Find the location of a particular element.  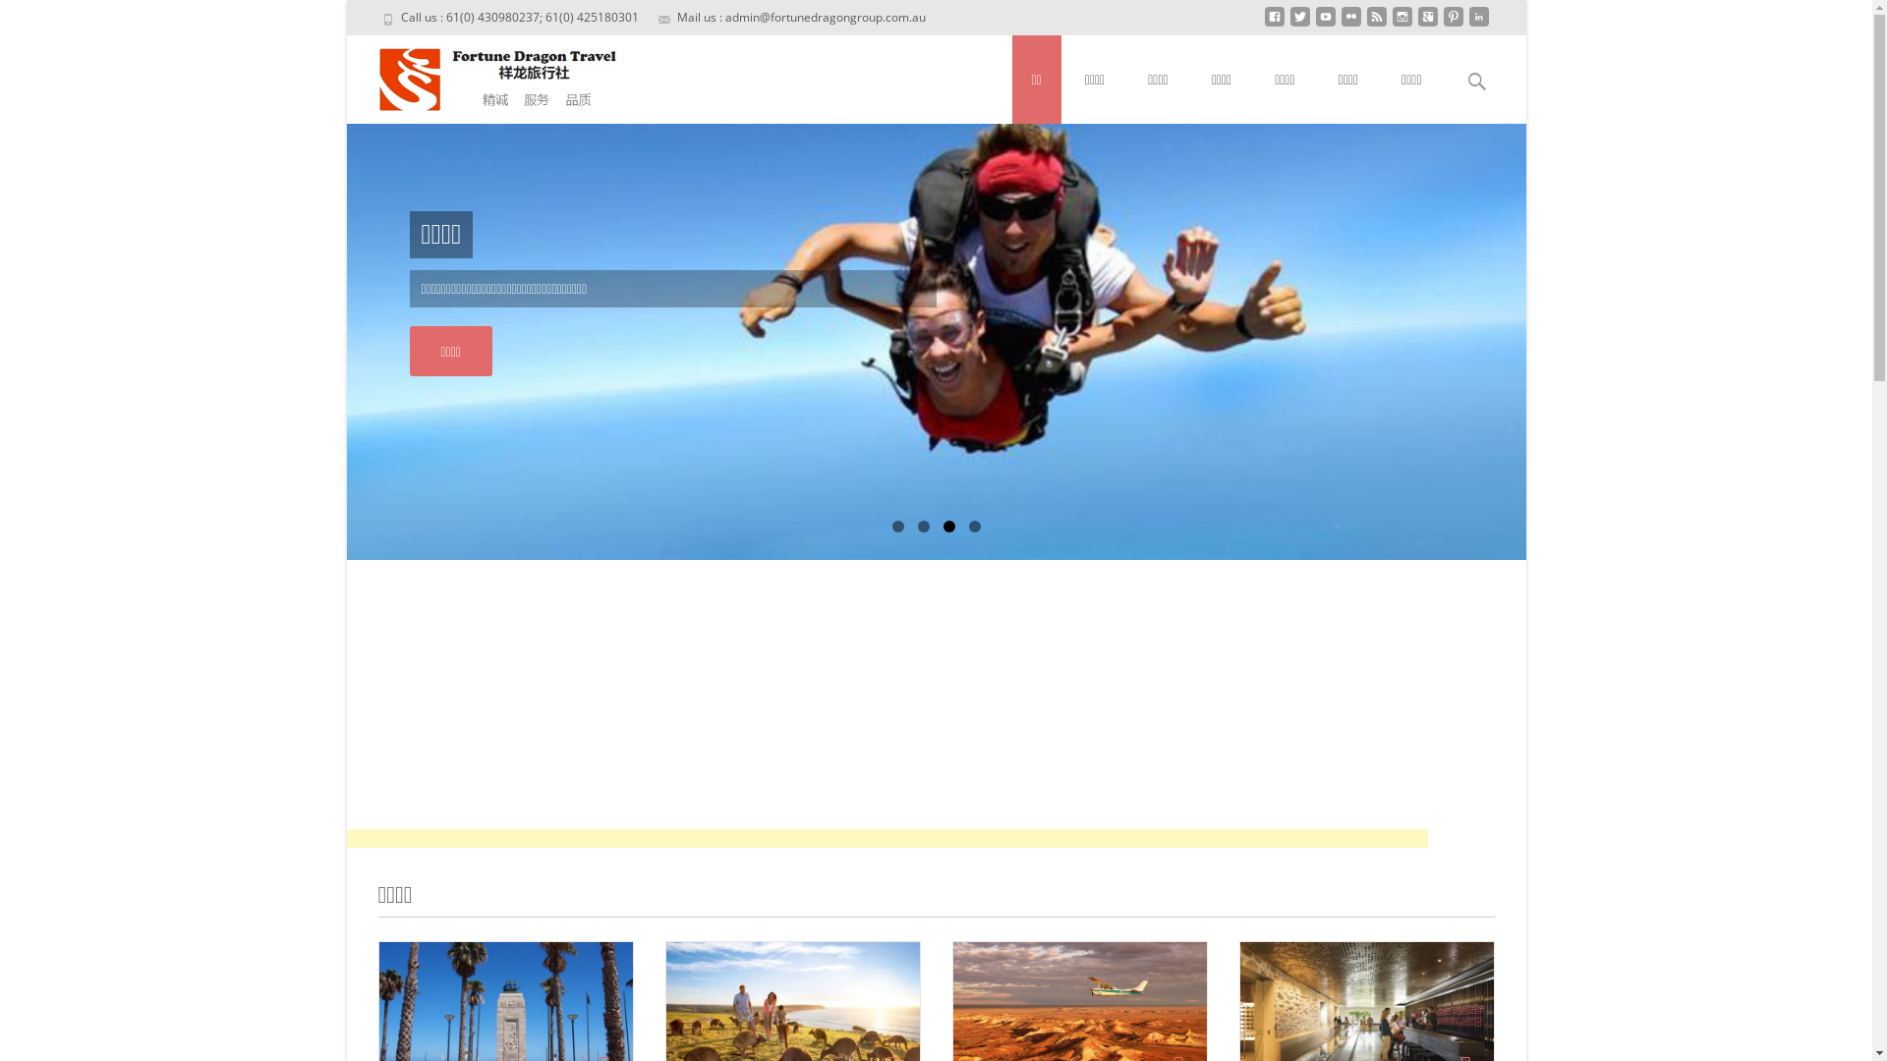

'feed' is located at coordinates (1365, 24).